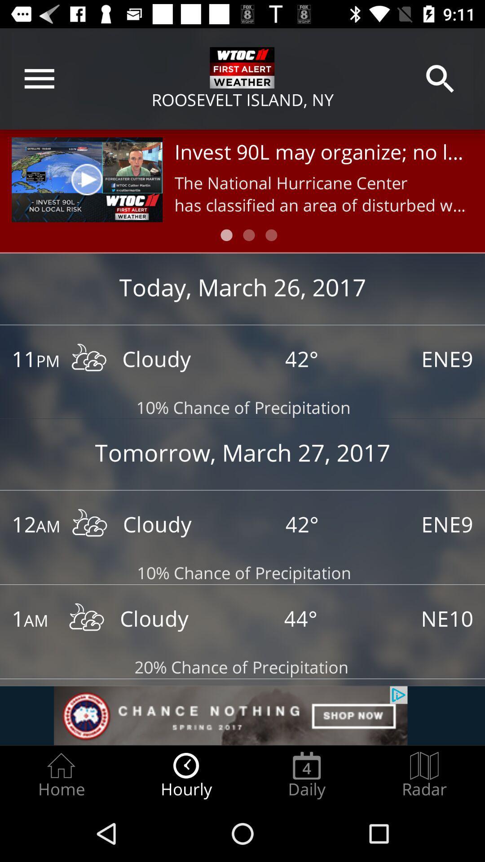  What do you see at coordinates (424, 775) in the screenshot?
I see `radar item` at bounding box center [424, 775].